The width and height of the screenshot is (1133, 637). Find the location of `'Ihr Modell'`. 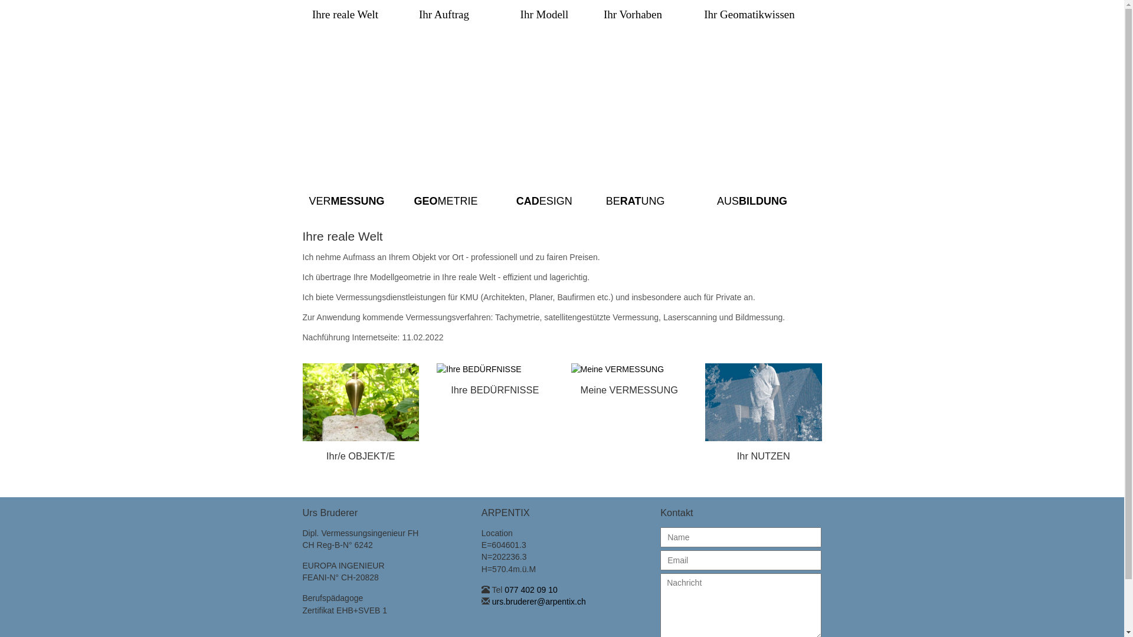

'Ihr Modell' is located at coordinates (543, 14).